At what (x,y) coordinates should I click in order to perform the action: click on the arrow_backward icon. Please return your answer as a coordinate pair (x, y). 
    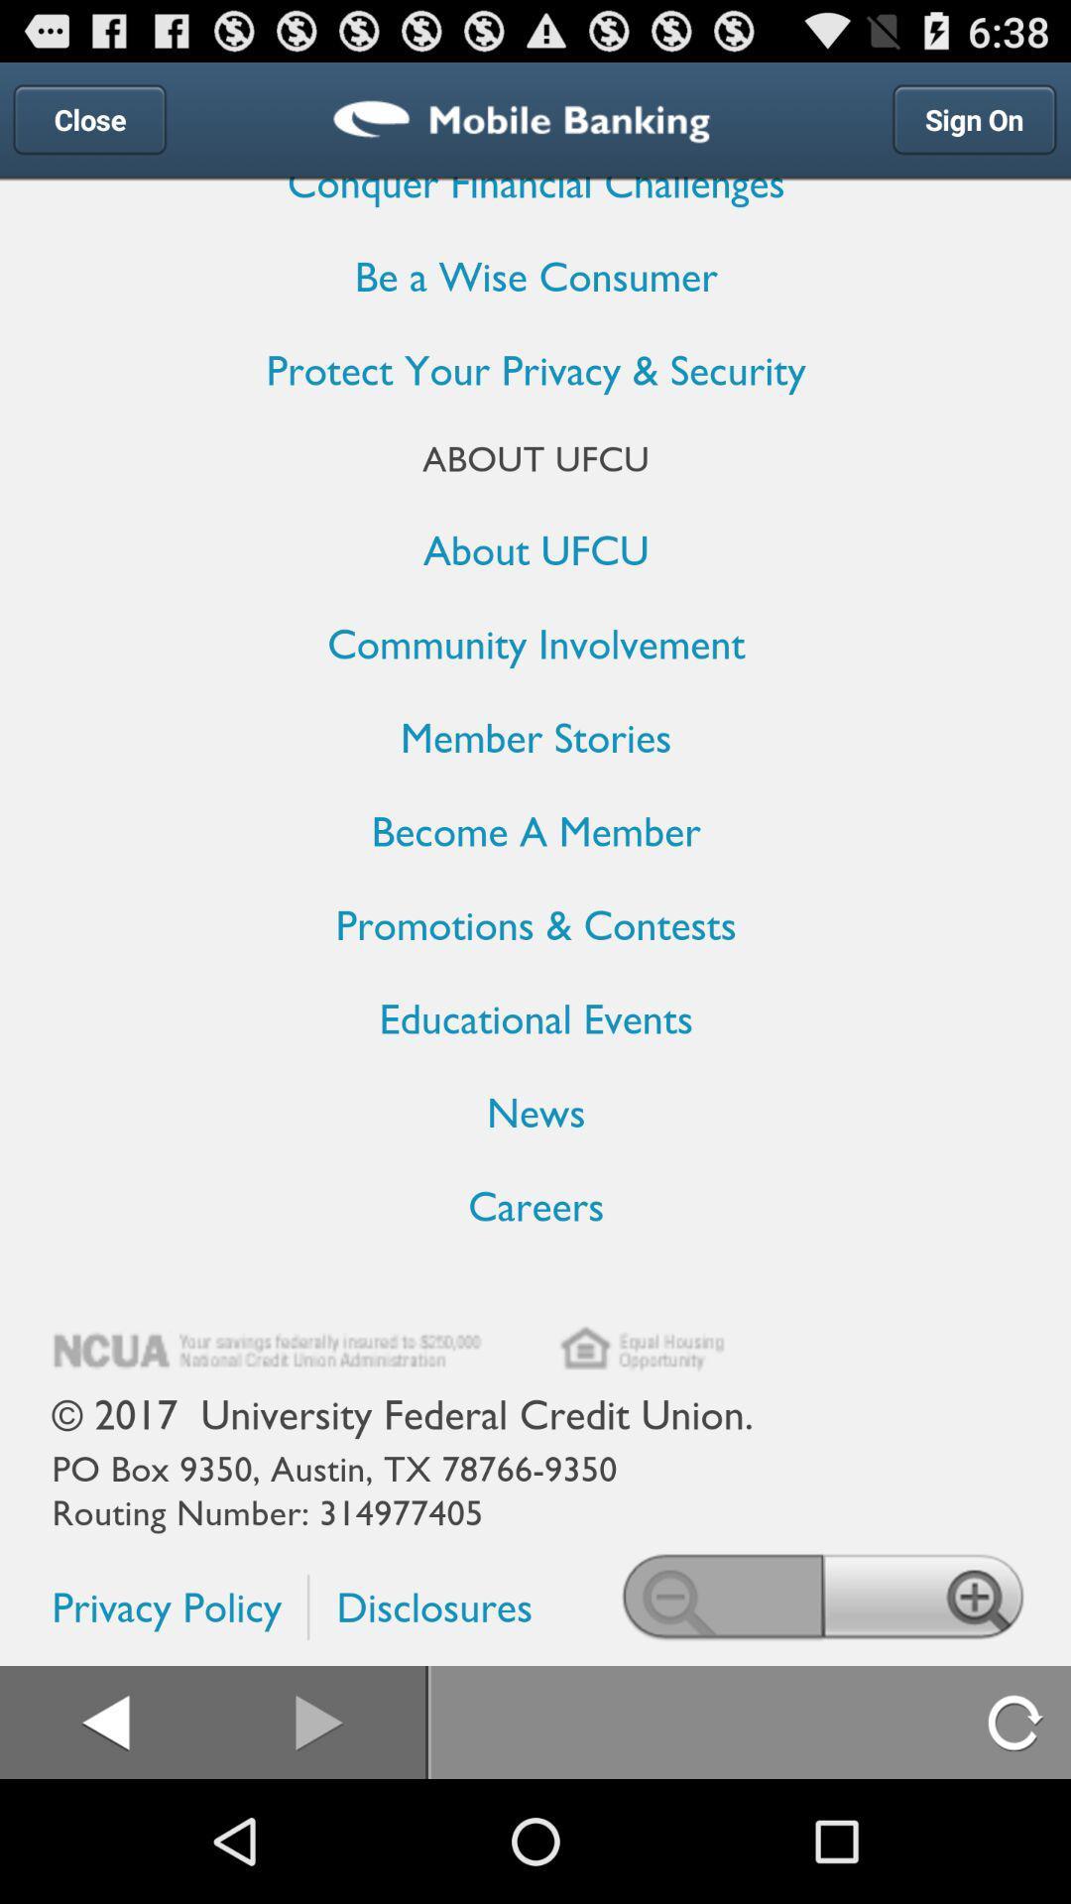
    Looking at the image, I should click on (105, 1843).